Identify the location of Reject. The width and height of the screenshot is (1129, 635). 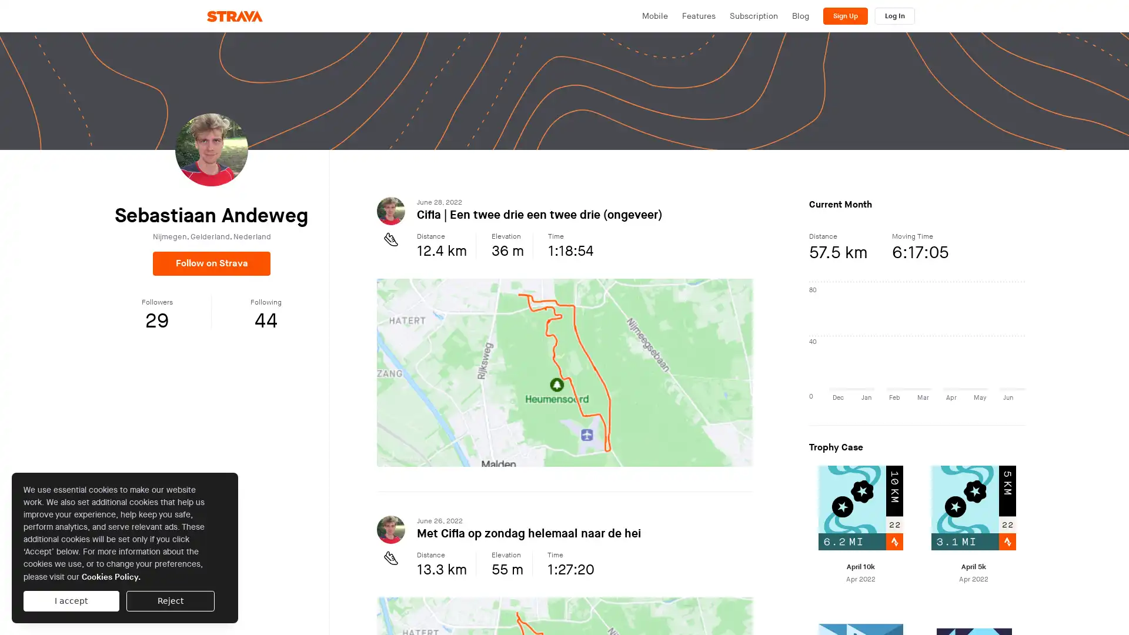
(169, 601).